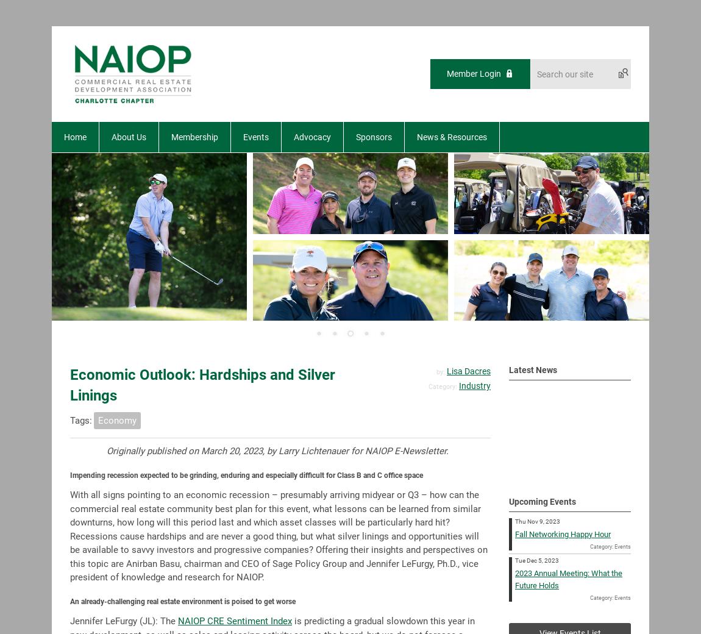 The image size is (701, 634). I want to click on 'Category:', so click(427, 386).